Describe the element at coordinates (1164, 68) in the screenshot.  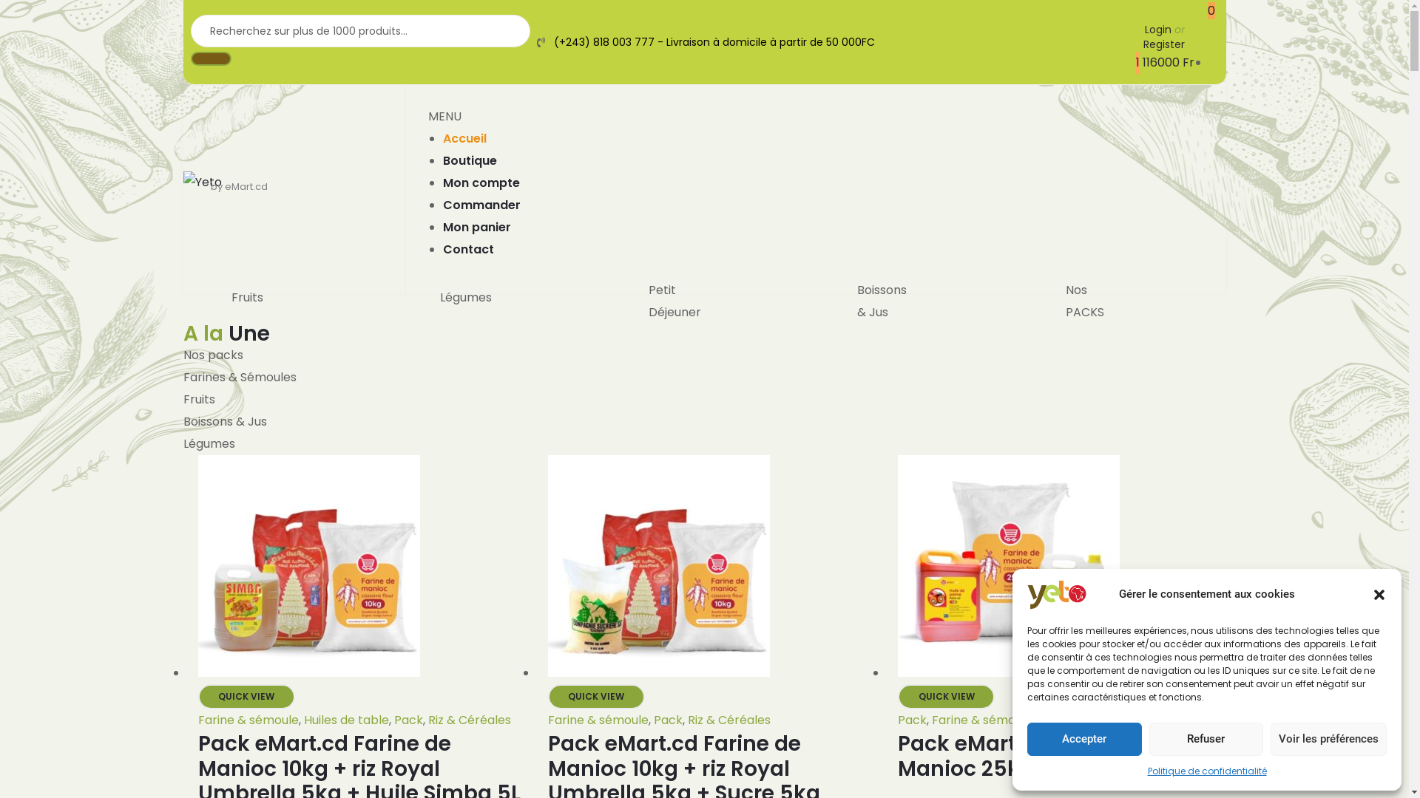
I see `'1 116000 Fr'` at that location.